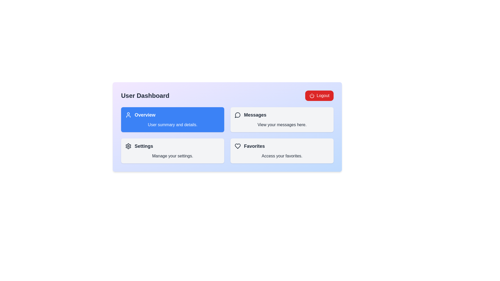 This screenshot has width=500, height=281. I want to click on the logout button located at the top-right corner of the User Dashboard to initiate logout, so click(319, 95).